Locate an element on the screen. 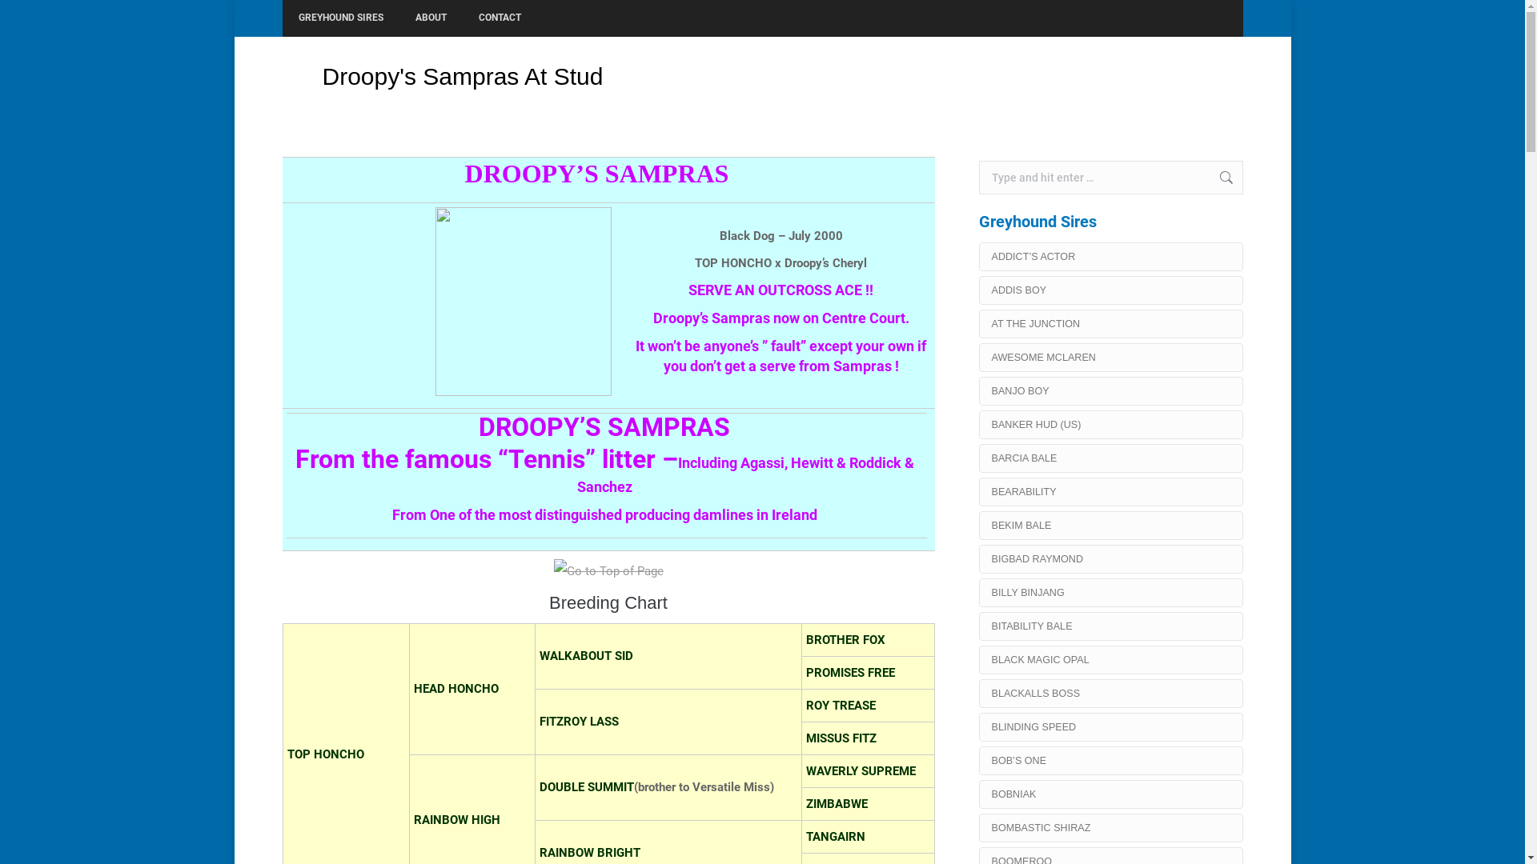 The height and width of the screenshot is (864, 1537). 'BLACK MAGIC OPAL' is located at coordinates (1110, 660).